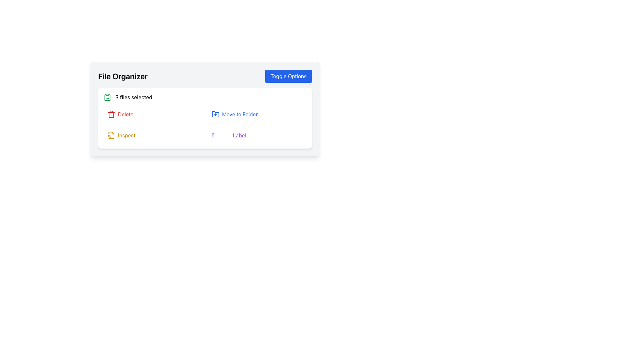  I want to click on the 'Inspect' button, which is styled with bold yellow text and an icon of a document with a magnifying glass, located in the 'File Organizer' card as the fourth interactive option, so click(127, 135).